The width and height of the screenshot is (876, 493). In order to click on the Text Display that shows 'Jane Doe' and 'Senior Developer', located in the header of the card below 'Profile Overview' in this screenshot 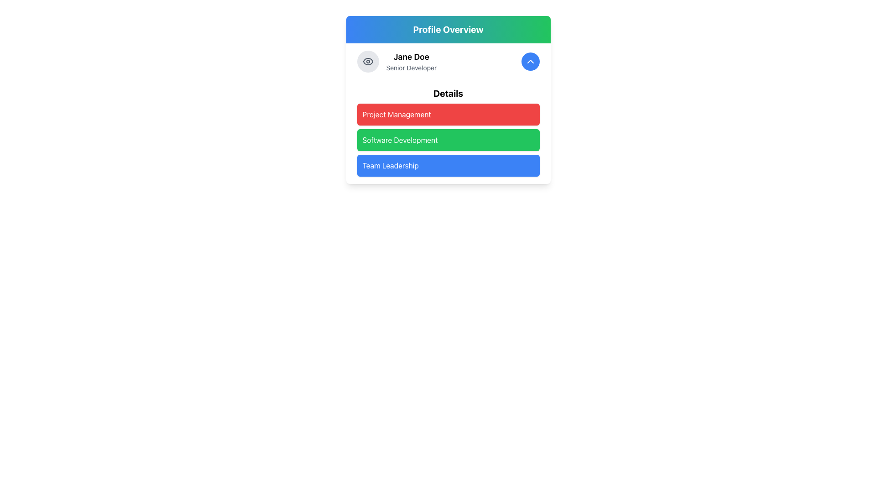, I will do `click(411, 62)`.